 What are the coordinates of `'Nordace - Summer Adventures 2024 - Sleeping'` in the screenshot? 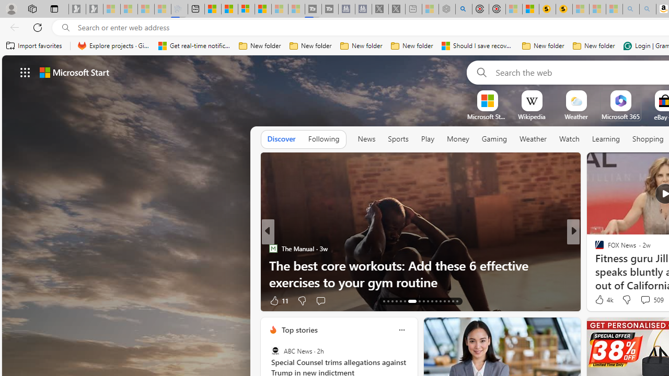 It's located at (447, 9).